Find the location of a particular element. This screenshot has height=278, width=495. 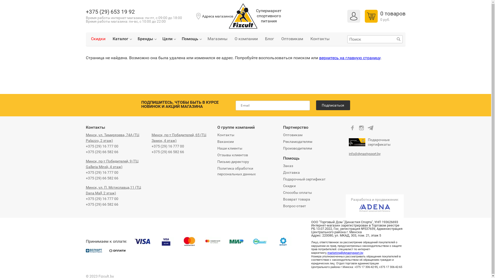

'marketing@dynastysport.by' is located at coordinates (345, 253).